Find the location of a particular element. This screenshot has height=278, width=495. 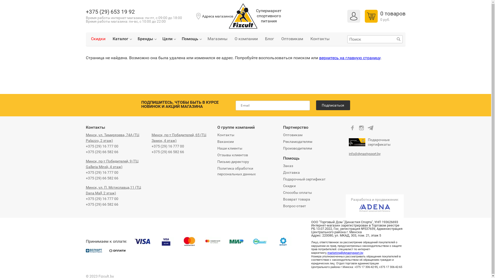

'marketing@dynastysport.by' is located at coordinates (345, 253).